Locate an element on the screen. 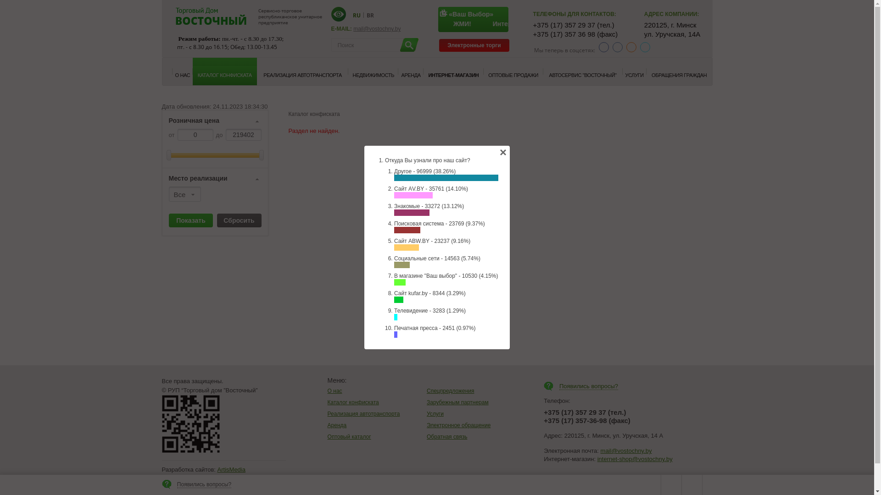 This screenshot has height=495, width=881. 'mail@vostochny.by' is located at coordinates (625, 450).